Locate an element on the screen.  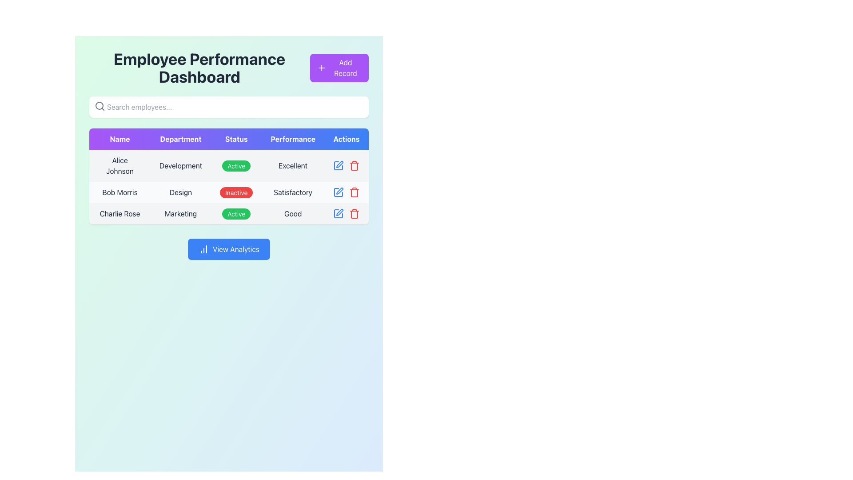
the second subcomponent of the SVG graphic representing the trash can icon for the delete action in the Actions column of the table, corresponding to the employee 'Bob Morris' is located at coordinates (354, 193).